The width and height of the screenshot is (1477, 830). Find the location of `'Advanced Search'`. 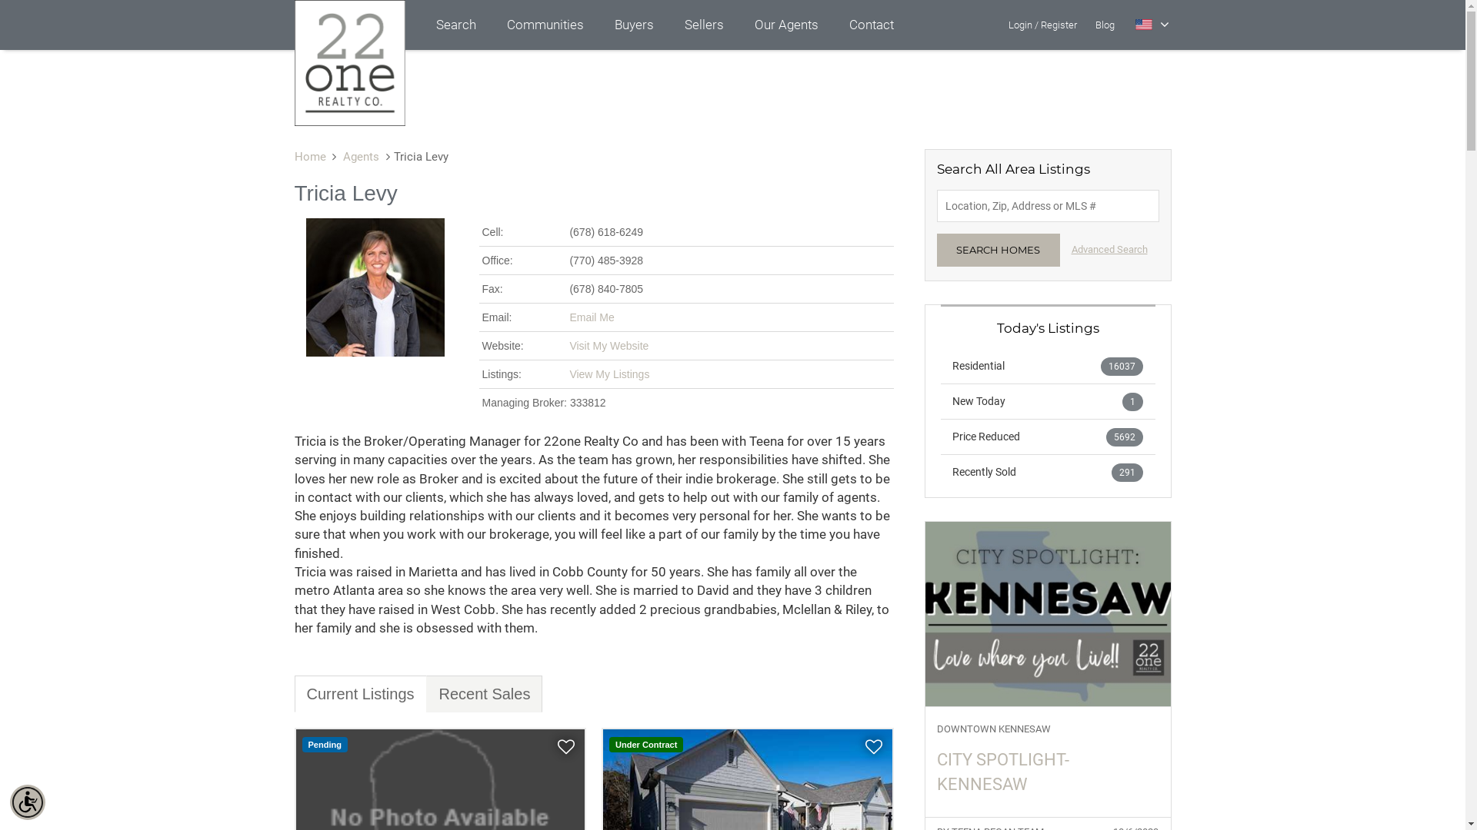

'Advanced Search' is located at coordinates (1109, 248).